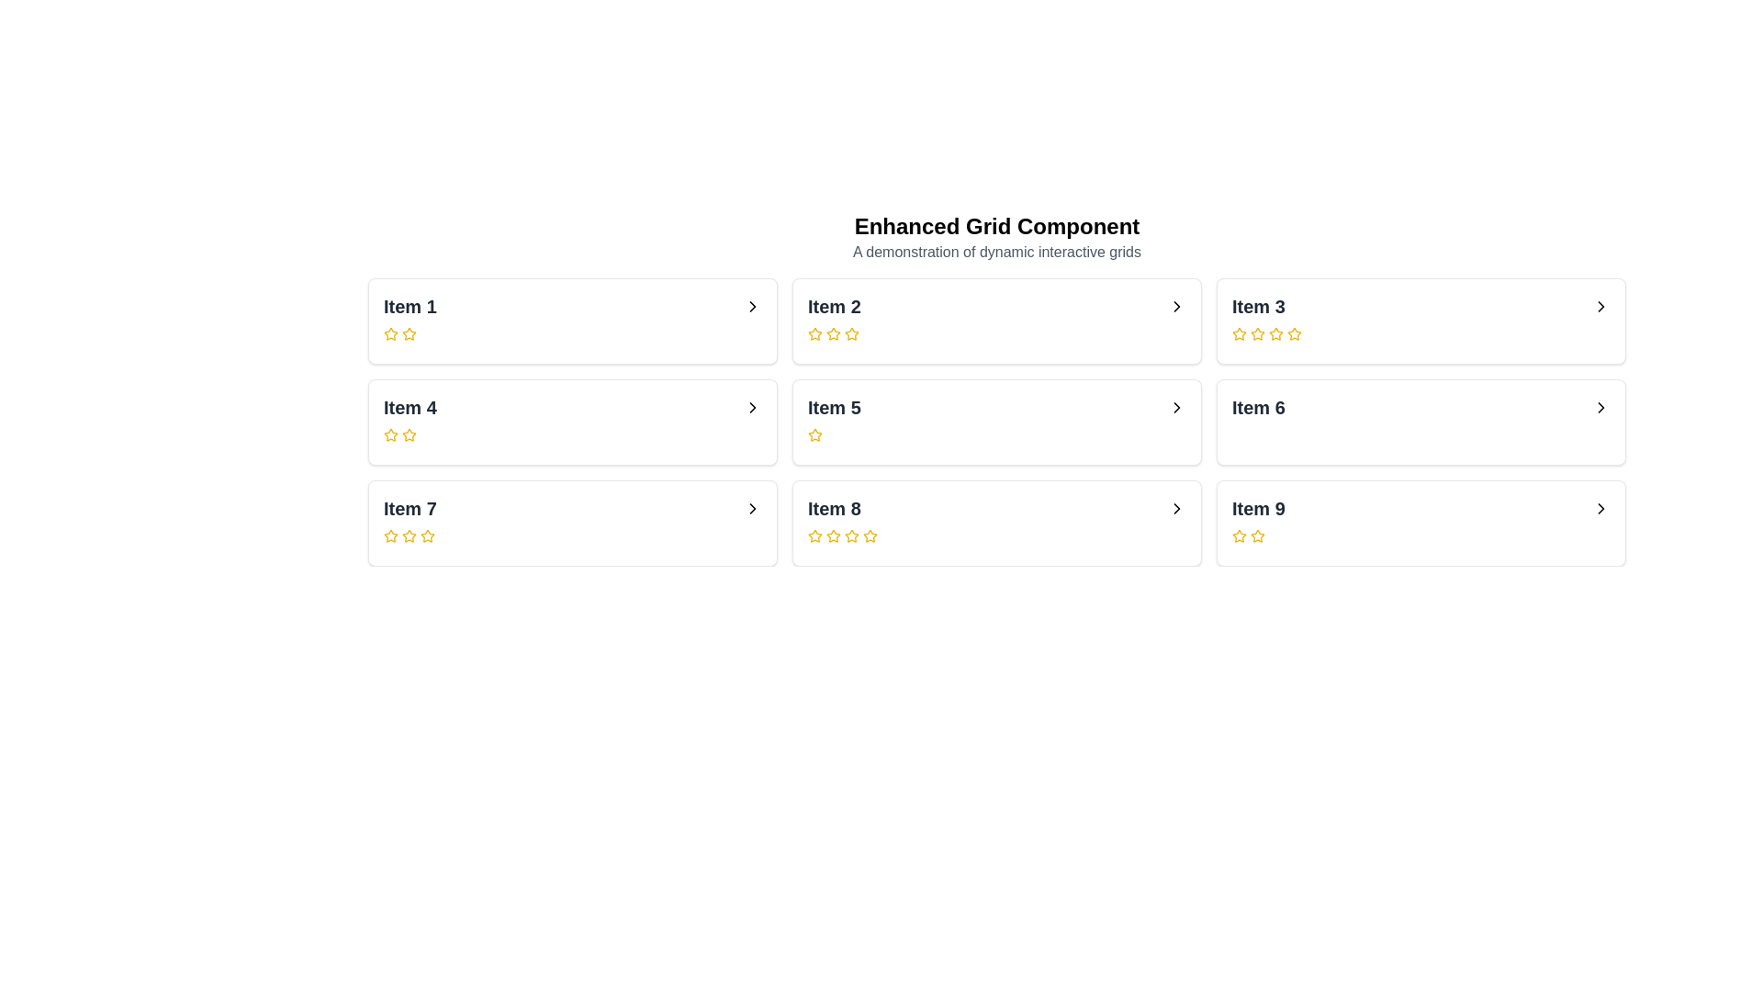 This screenshot has height=992, width=1763. I want to click on the first yellow star in the star rating indicator under 'Item 2', so click(814, 333).